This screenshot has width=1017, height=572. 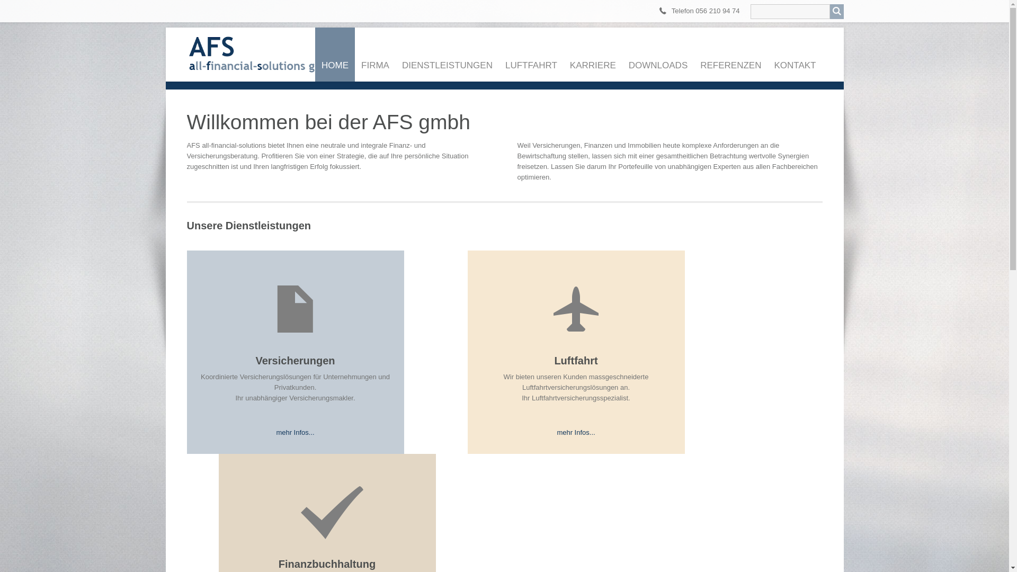 I want to click on 'KONTAKT', so click(x=795, y=55).